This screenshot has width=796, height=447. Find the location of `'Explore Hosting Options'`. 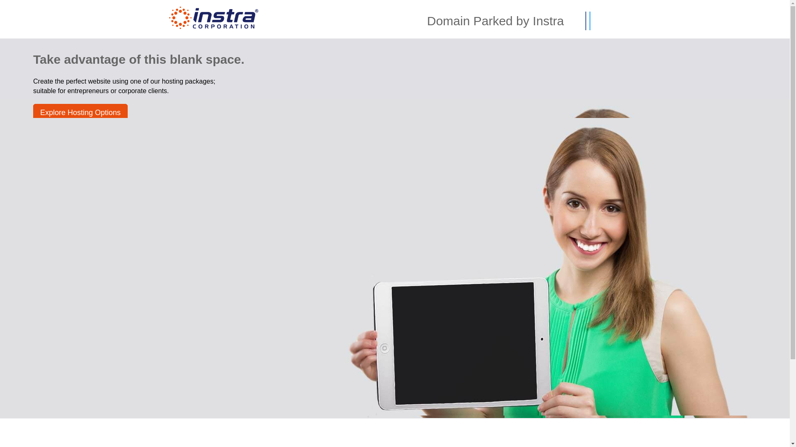

'Explore Hosting Options' is located at coordinates (80, 113).